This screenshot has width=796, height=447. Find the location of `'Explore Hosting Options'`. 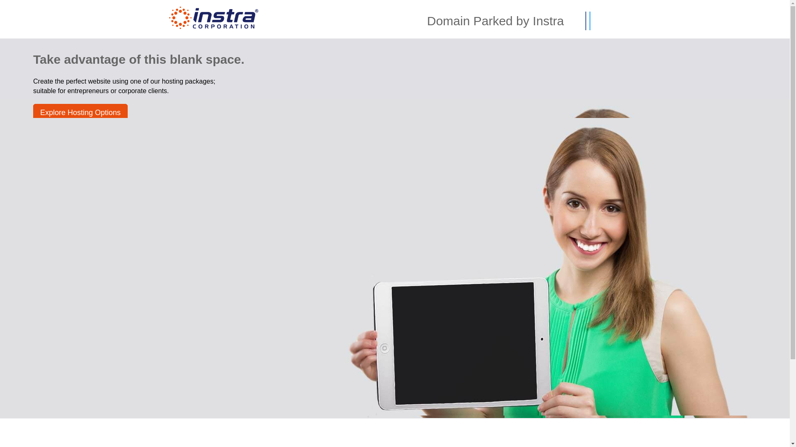

'Explore Hosting Options' is located at coordinates (80, 113).